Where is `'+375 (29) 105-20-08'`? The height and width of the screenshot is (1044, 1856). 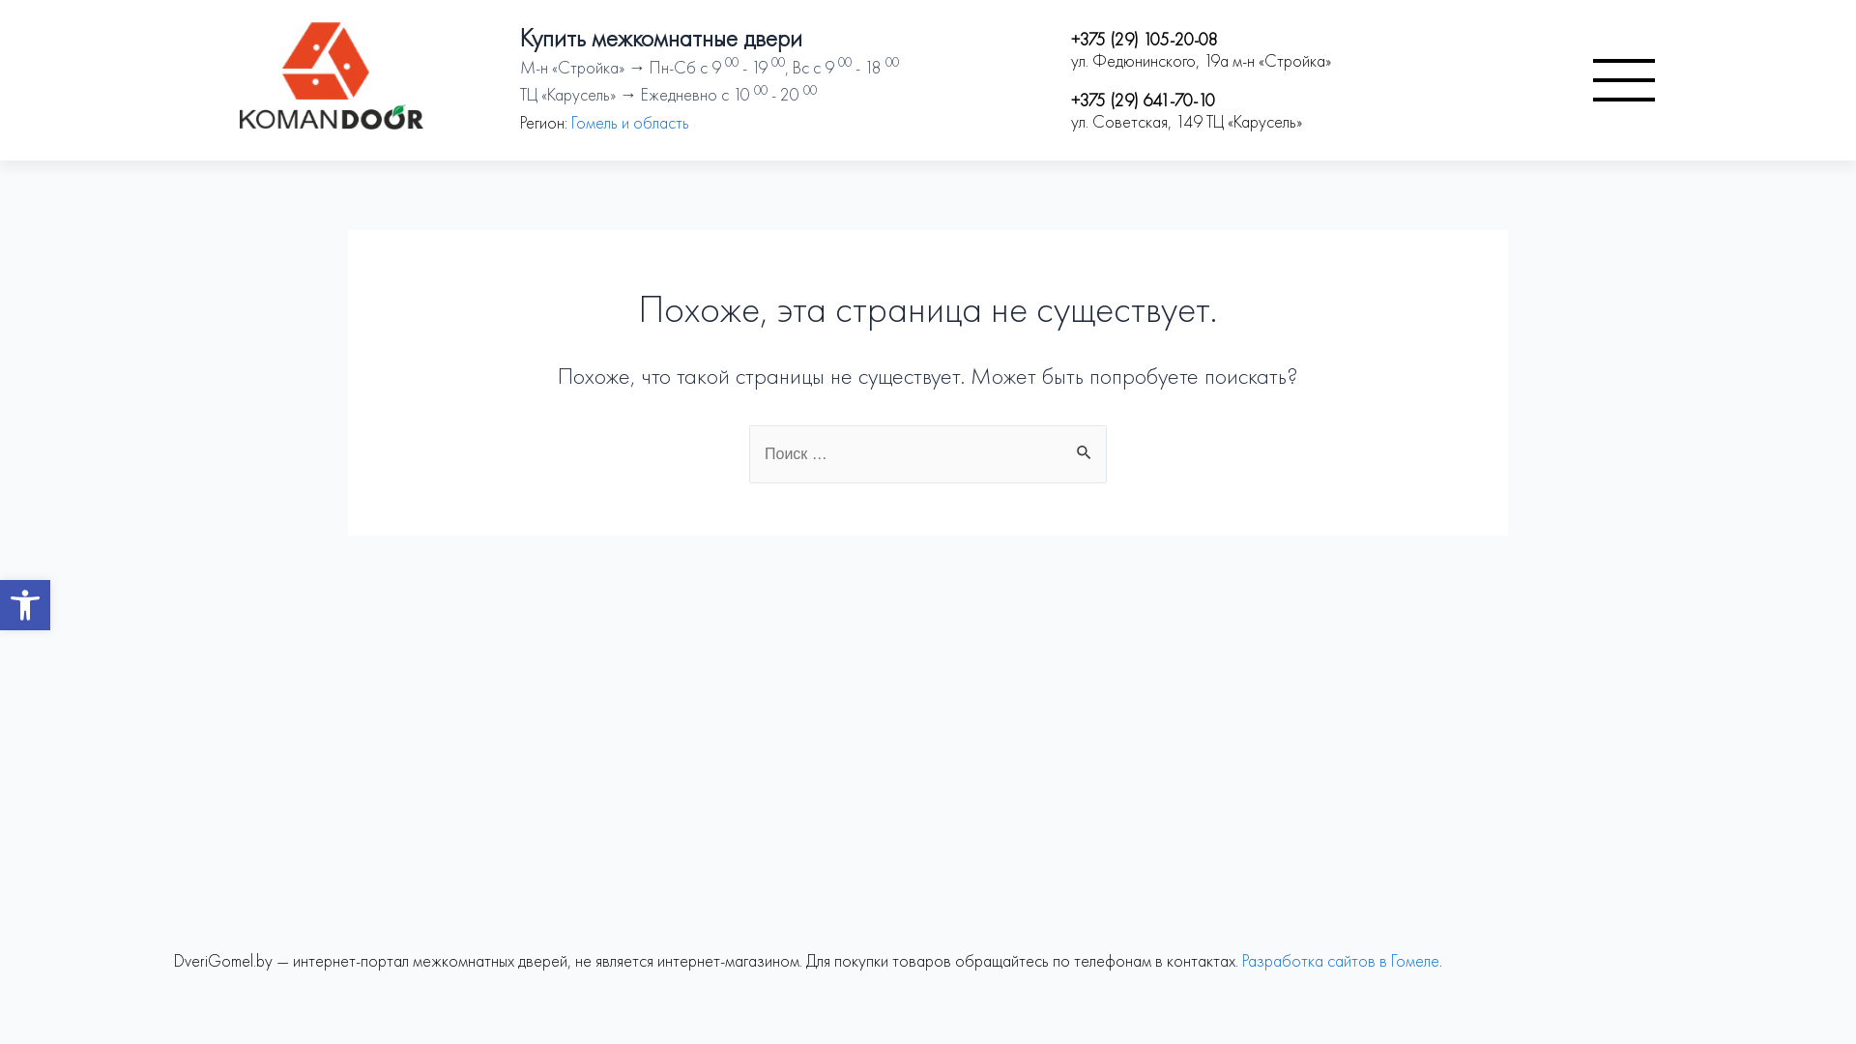 '+375 (29) 105-20-08' is located at coordinates (1070, 39).